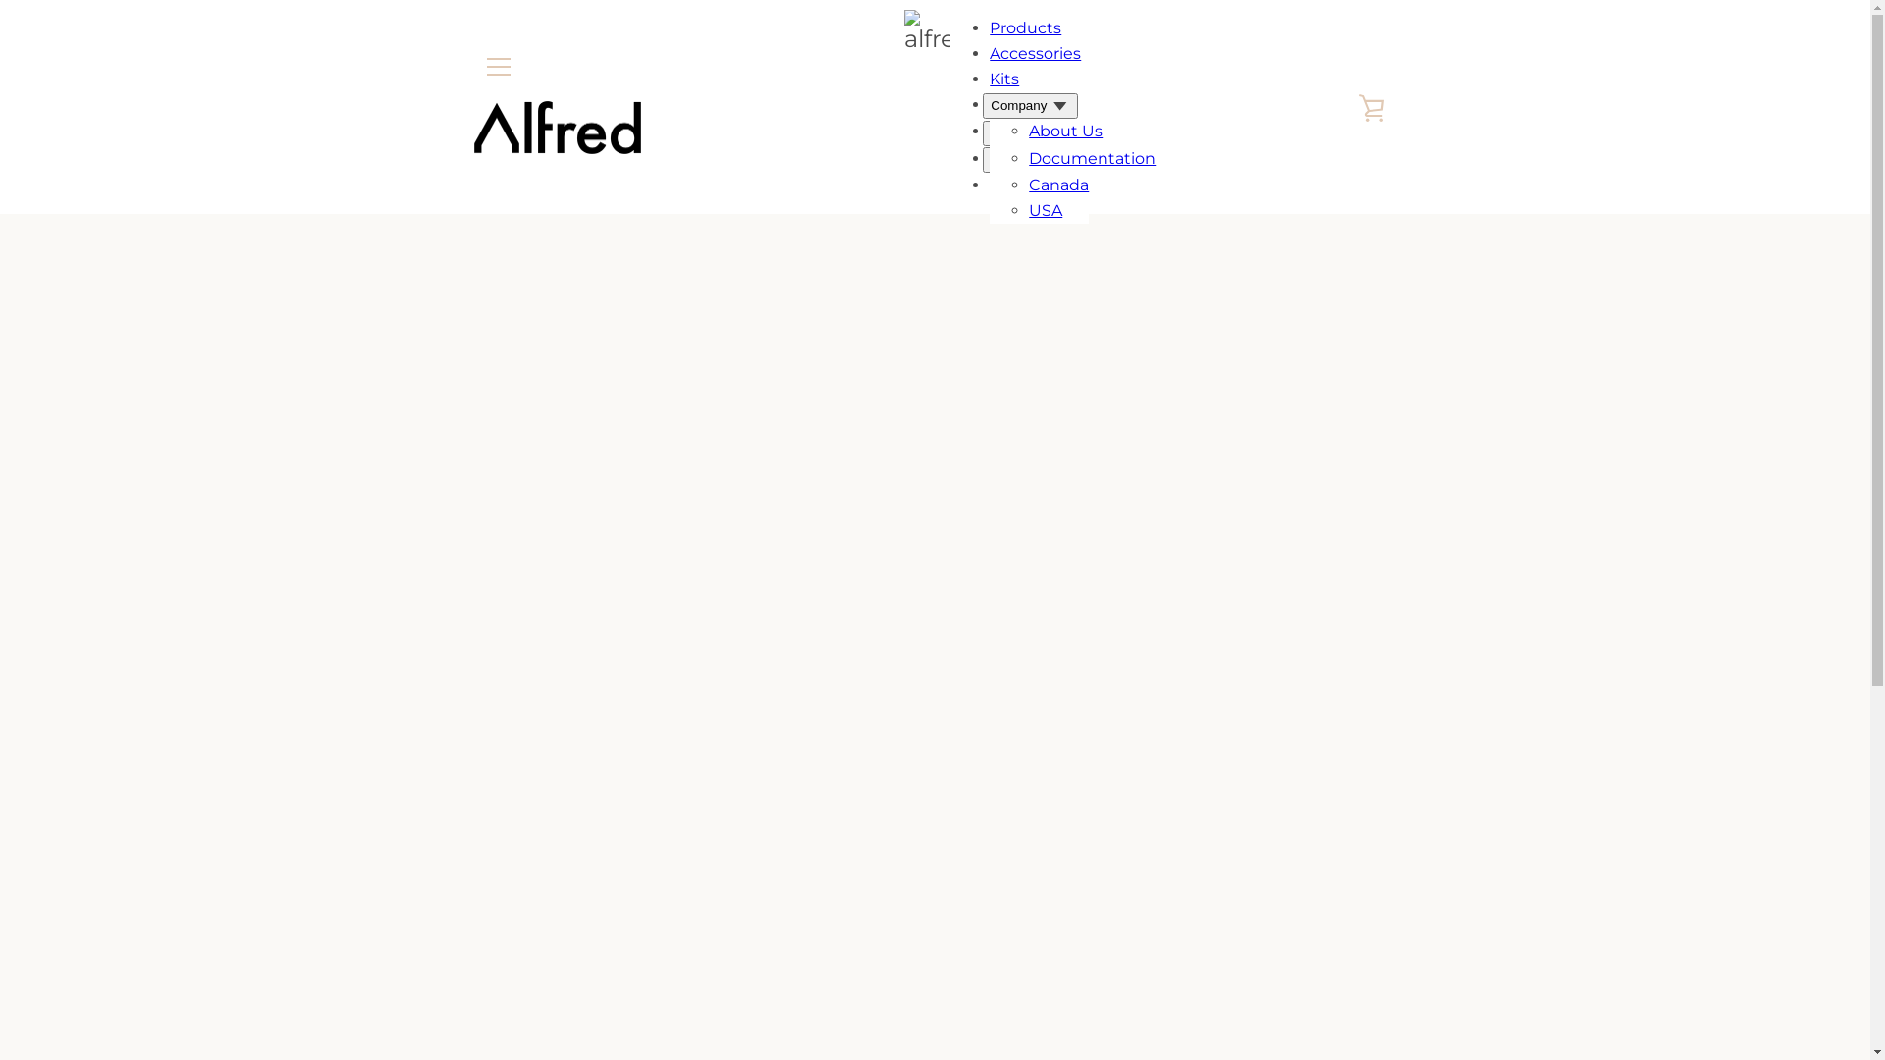 The width and height of the screenshot is (1885, 1060). What do you see at coordinates (1023, 158) in the screenshot?
I see `'Country` at bounding box center [1023, 158].